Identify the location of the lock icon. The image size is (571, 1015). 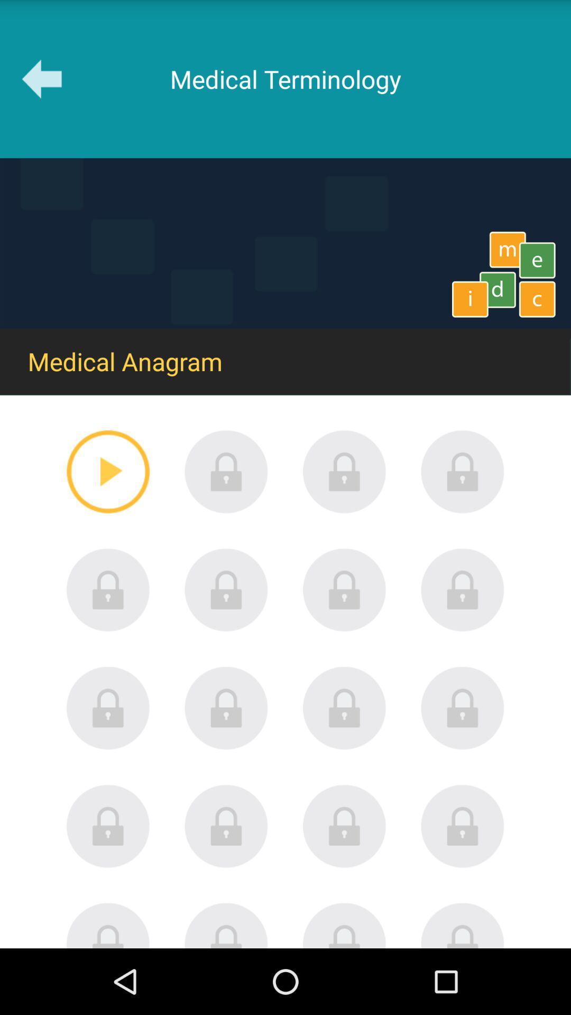
(344, 757).